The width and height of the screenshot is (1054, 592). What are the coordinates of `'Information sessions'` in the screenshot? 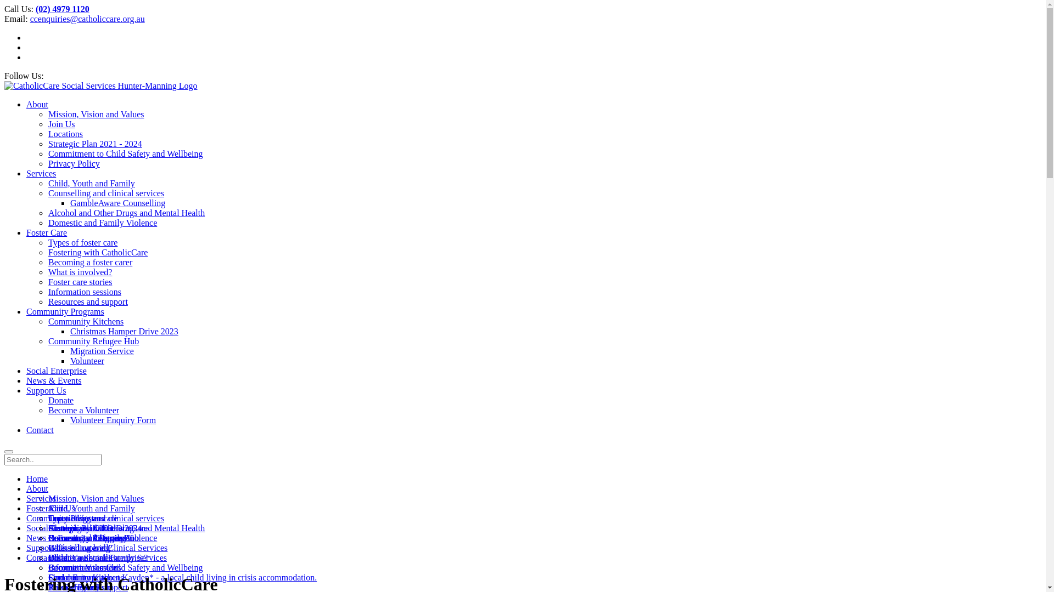 It's located at (47, 291).